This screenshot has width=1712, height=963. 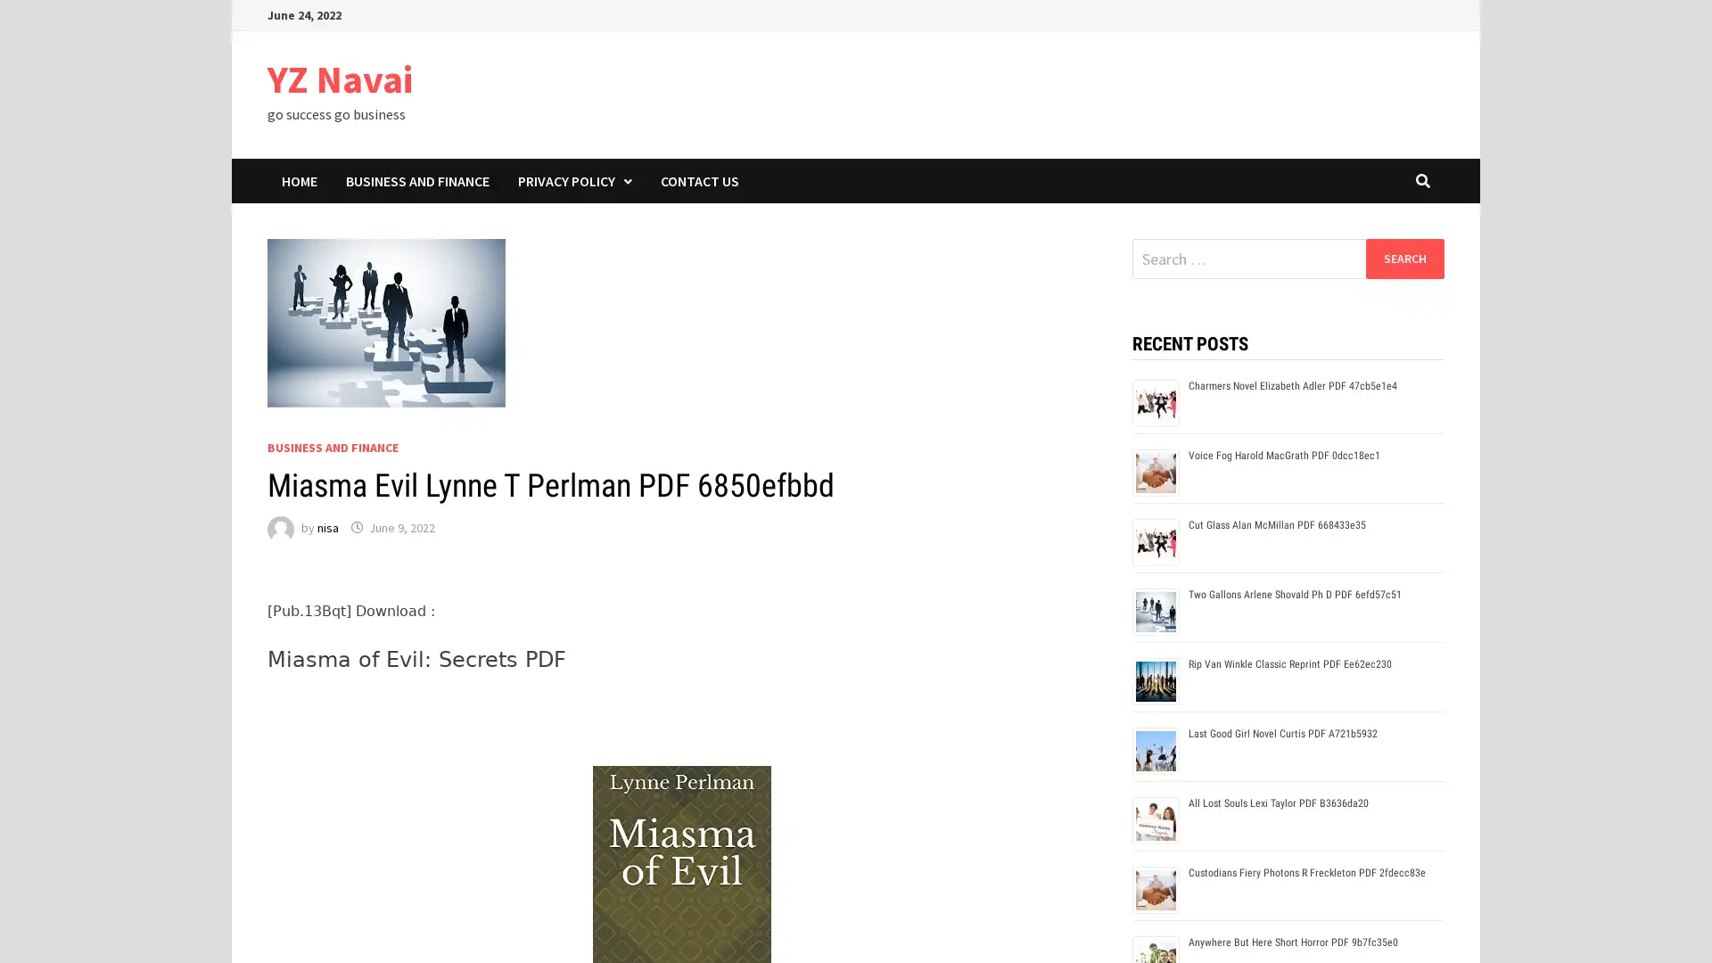 What do you see at coordinates (1403, 258) in the screenshot?
I see `Search` at bounding box center [1403, 258].